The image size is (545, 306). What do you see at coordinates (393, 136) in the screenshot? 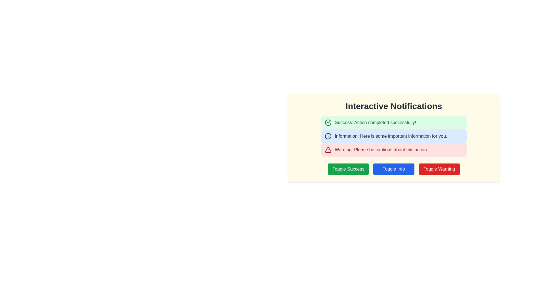
I see `the Information notification box, which has a light blue background and contains a message starting with 'Information:'` at bounding box center [393, 136].